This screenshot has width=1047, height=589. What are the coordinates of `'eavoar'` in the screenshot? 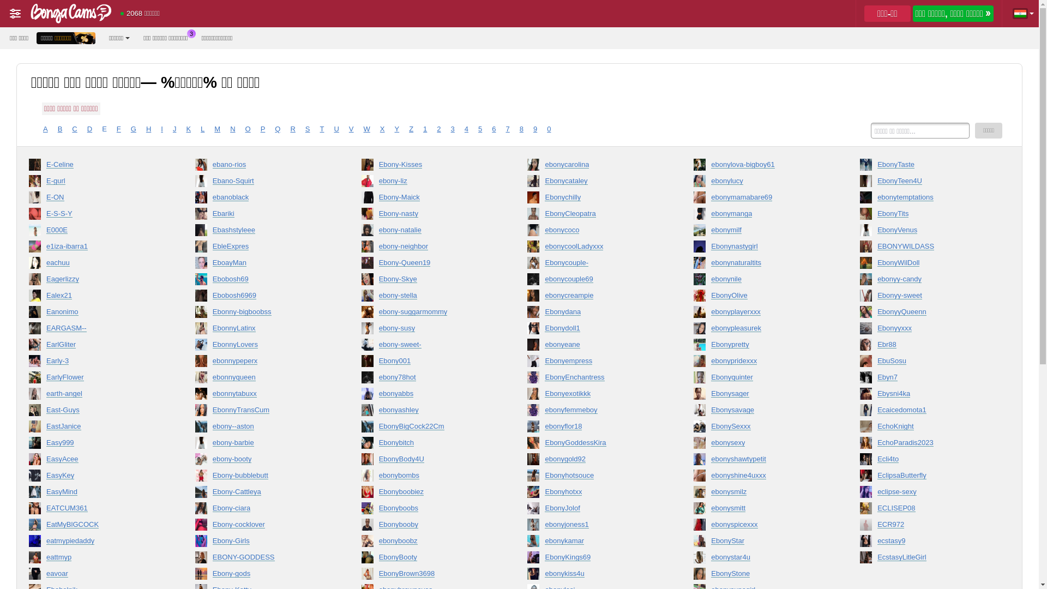 It's located at (28, 575).